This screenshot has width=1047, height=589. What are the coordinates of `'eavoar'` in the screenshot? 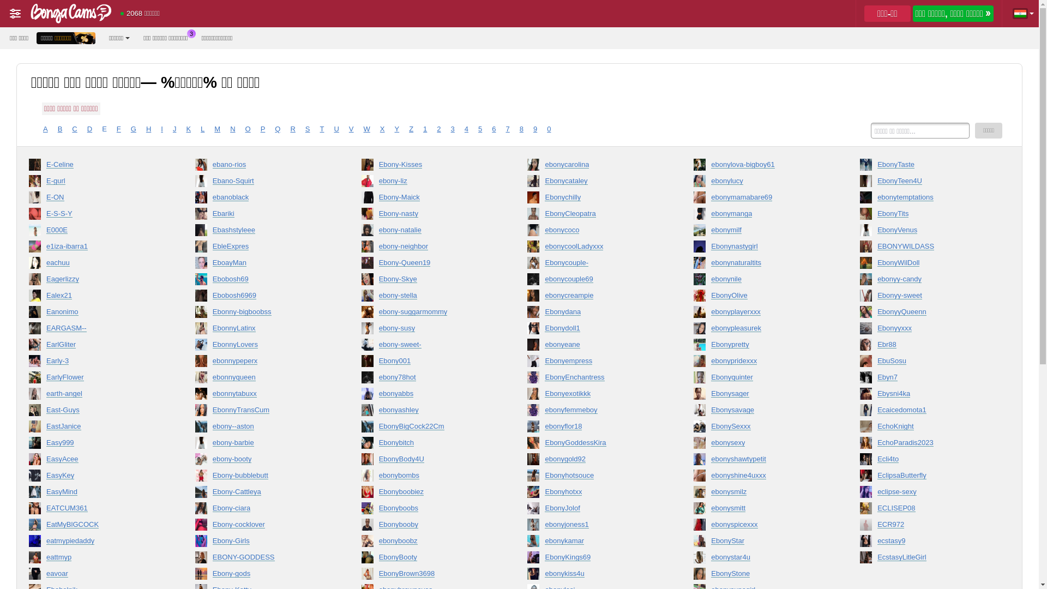 It's located at (28, 575).